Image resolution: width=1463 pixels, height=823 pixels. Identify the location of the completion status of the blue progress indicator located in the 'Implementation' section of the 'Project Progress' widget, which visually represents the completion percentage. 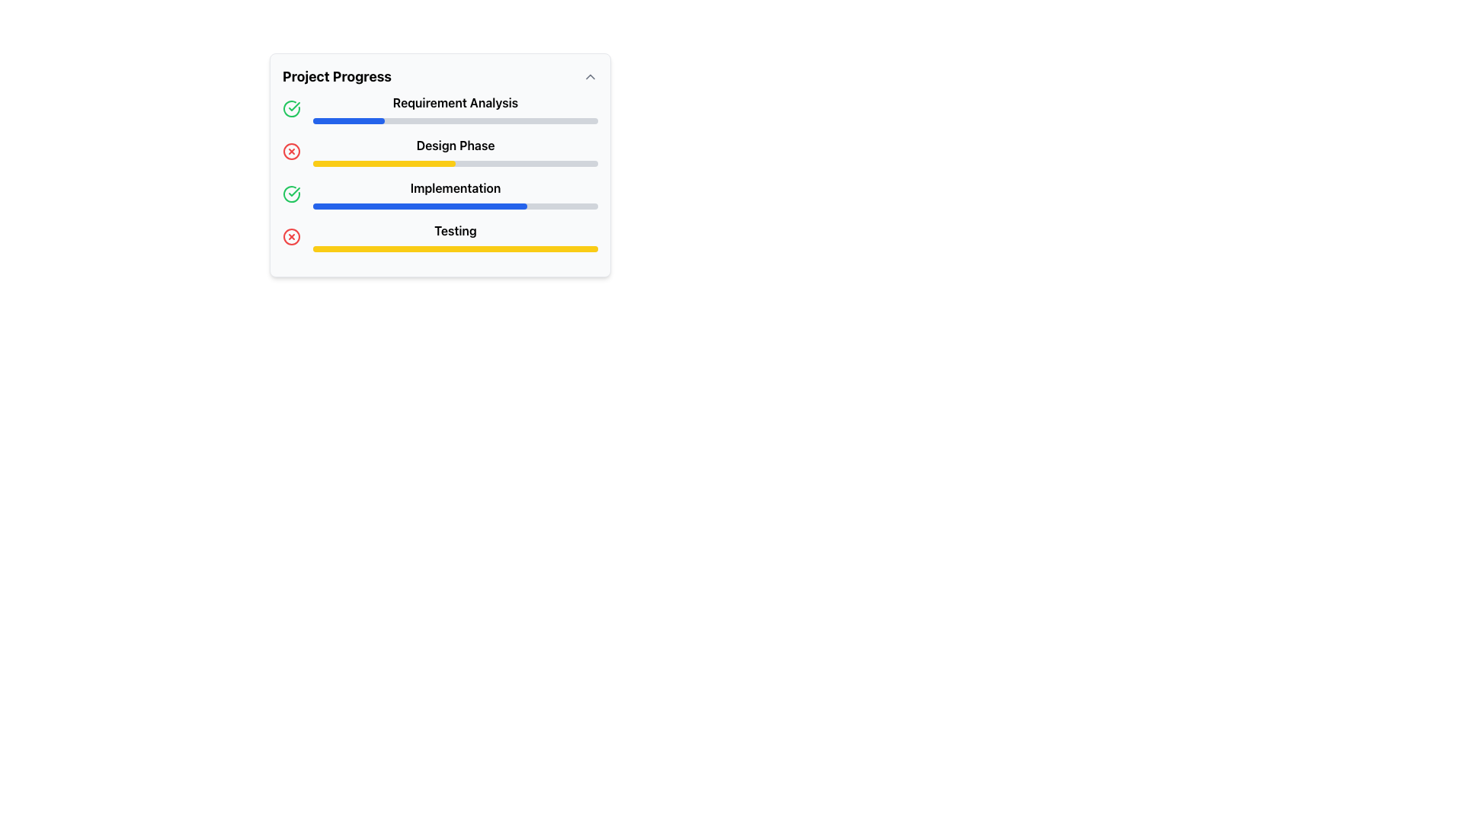
(420, 206).